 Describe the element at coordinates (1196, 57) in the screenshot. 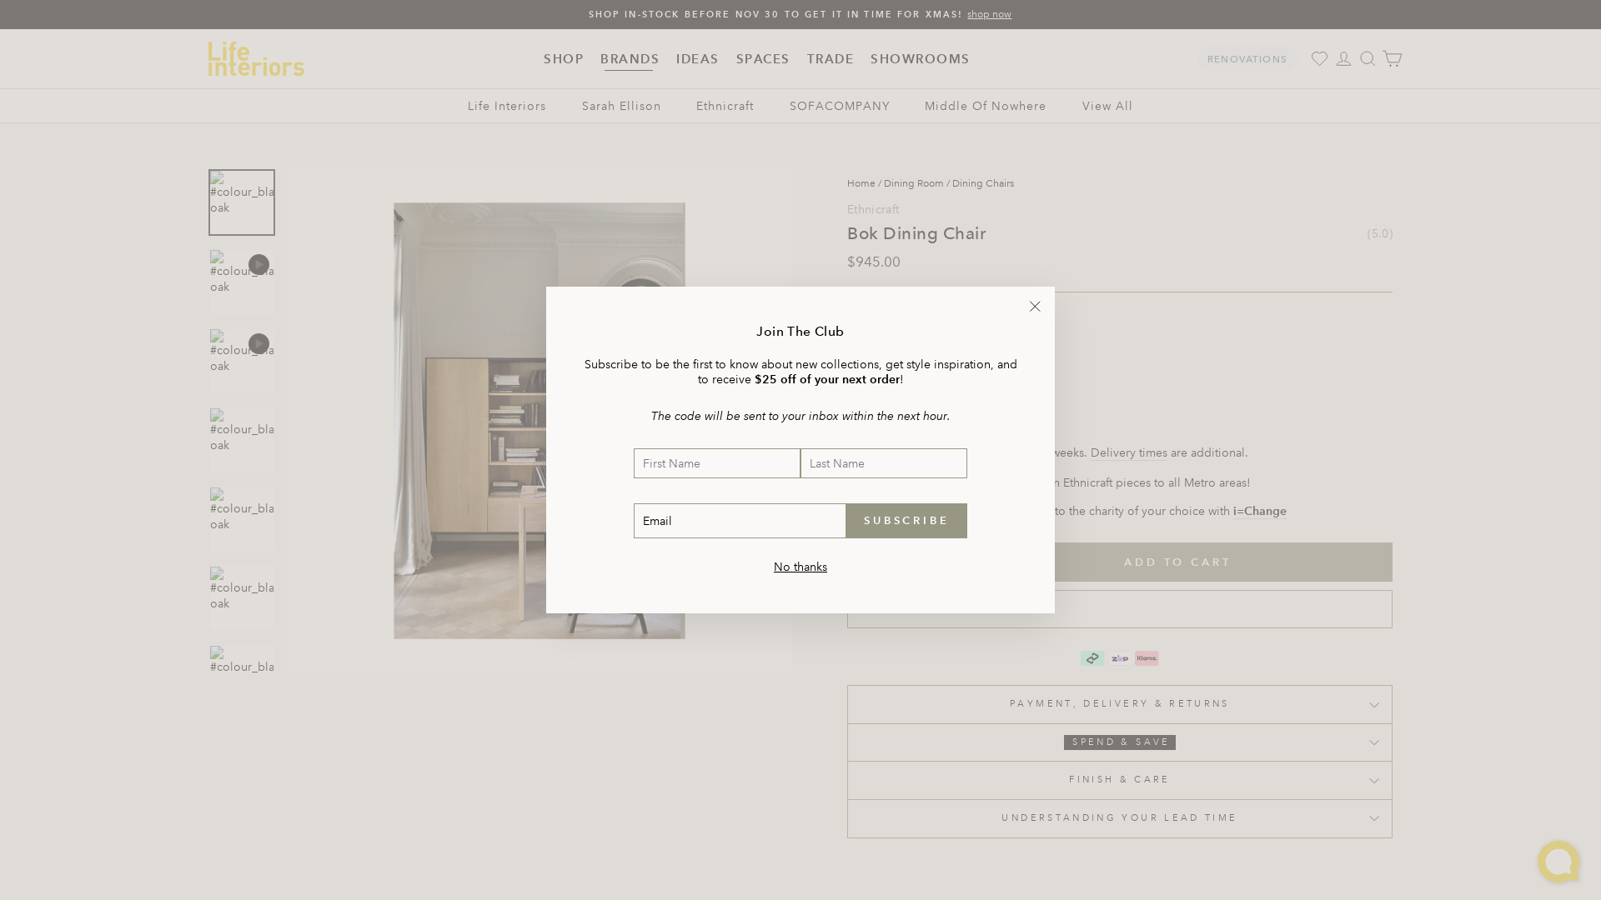

I see `'RENOVATIONS'` at that location.